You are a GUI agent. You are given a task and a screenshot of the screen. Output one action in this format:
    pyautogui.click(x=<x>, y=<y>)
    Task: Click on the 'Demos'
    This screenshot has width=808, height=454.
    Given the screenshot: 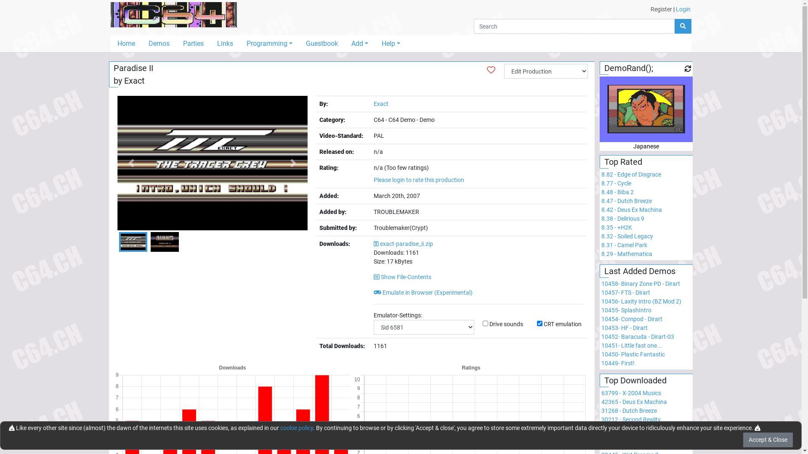 What is the action you would take?
    pyautogui.click(x=159, y=44)
    